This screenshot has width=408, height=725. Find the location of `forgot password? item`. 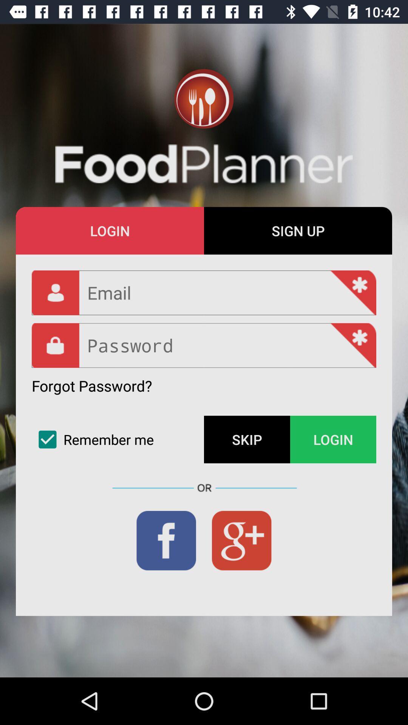

forgot password? item is located at coordinates (91, 386).